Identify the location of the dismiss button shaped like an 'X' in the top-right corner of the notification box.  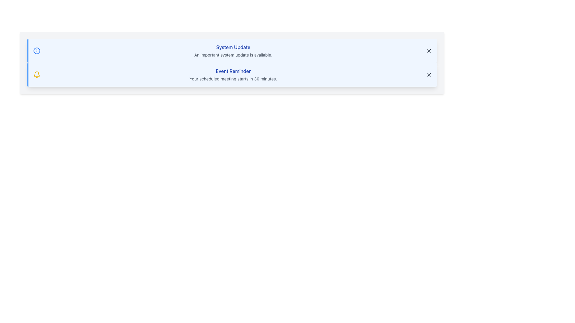
(429, 74).